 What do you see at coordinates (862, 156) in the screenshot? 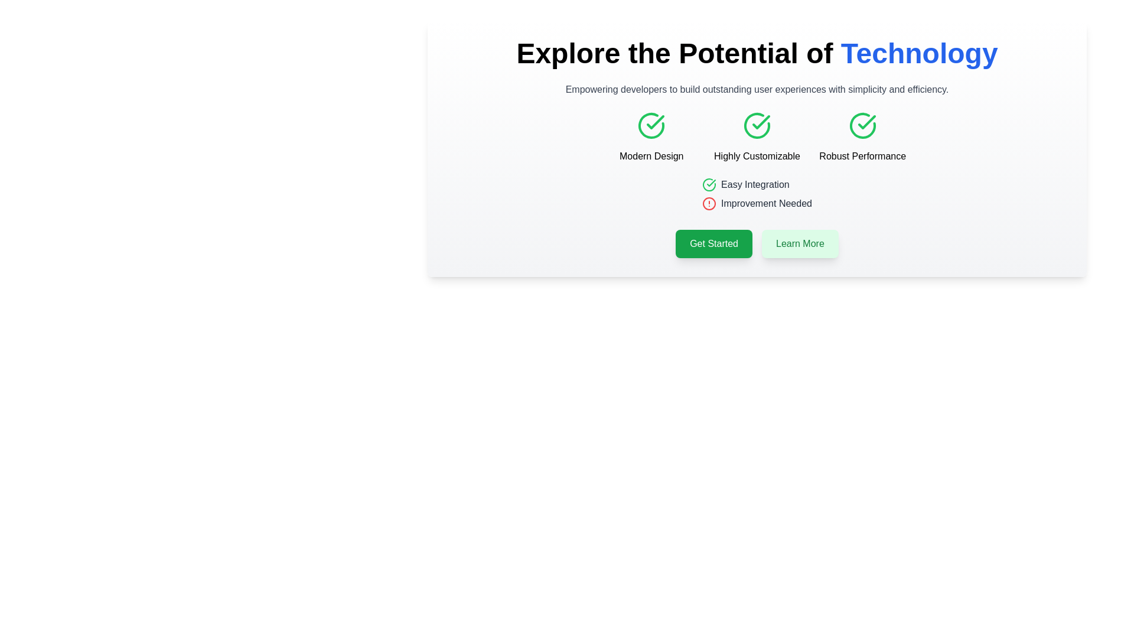
I see `text label that says 'Robust Performance', which is centrally located below a green checkmark icon in the third column of a horizontal group of features` at bounding box center [862, 156].